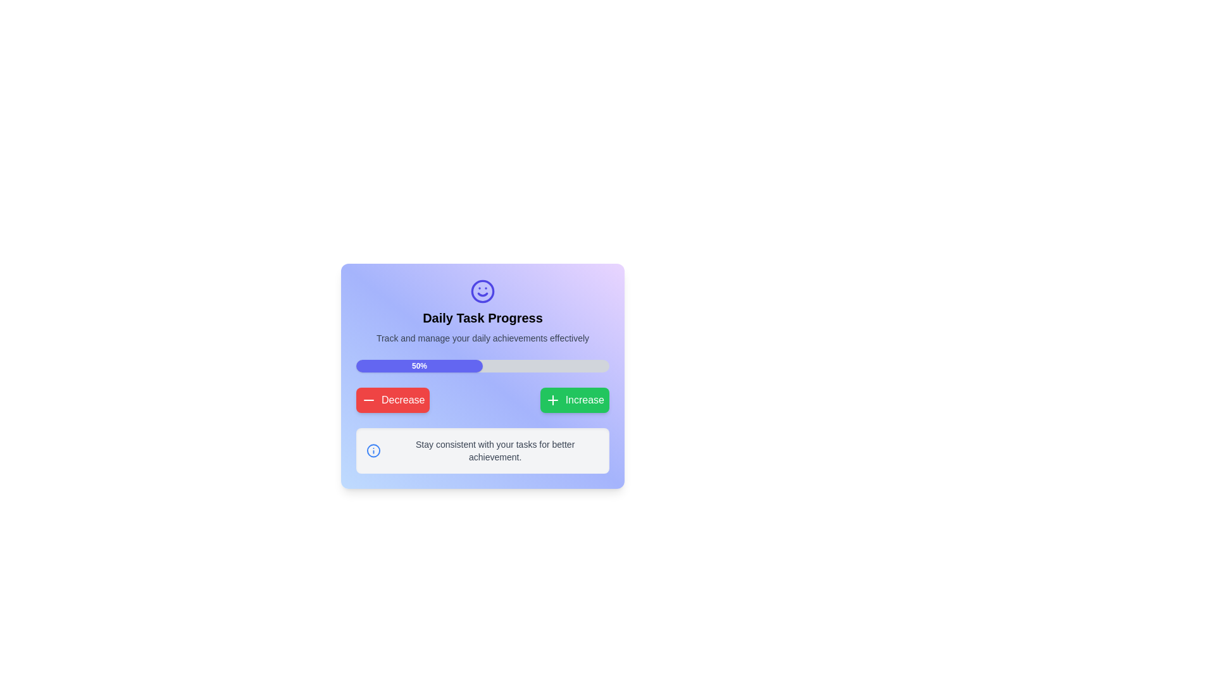  I want to click on the SVG Icon within the green 'Increase' button, which represents an increment action and is aligned with the button's label, so click(552, 400).